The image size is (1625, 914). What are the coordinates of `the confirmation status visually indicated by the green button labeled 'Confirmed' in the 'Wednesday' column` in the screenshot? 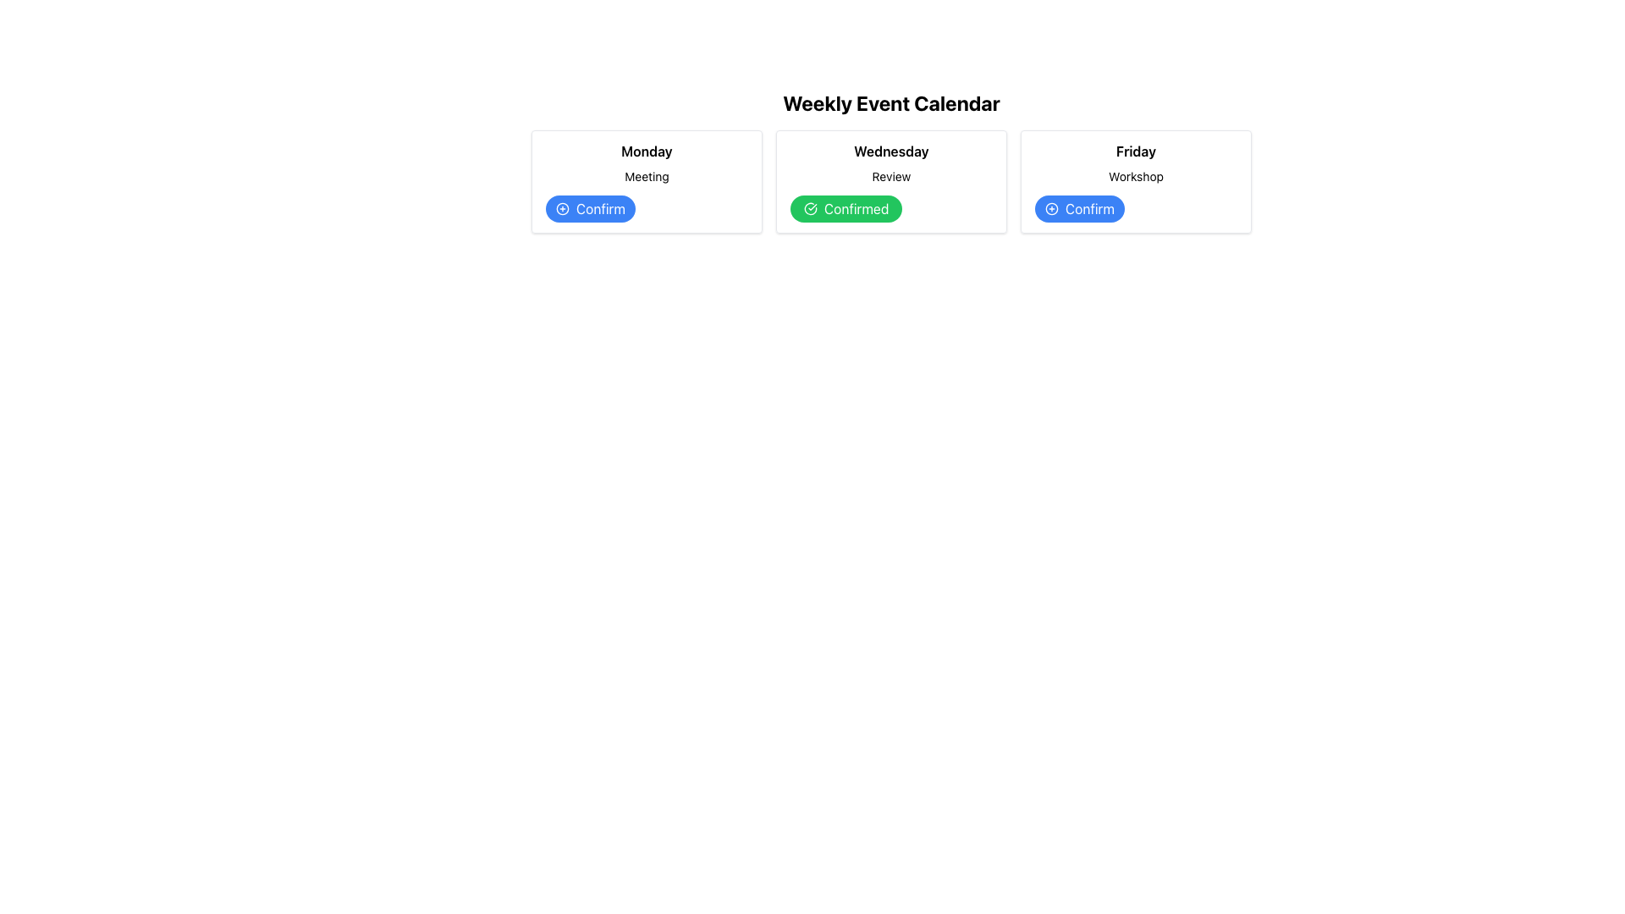 It's located at (810, 207).